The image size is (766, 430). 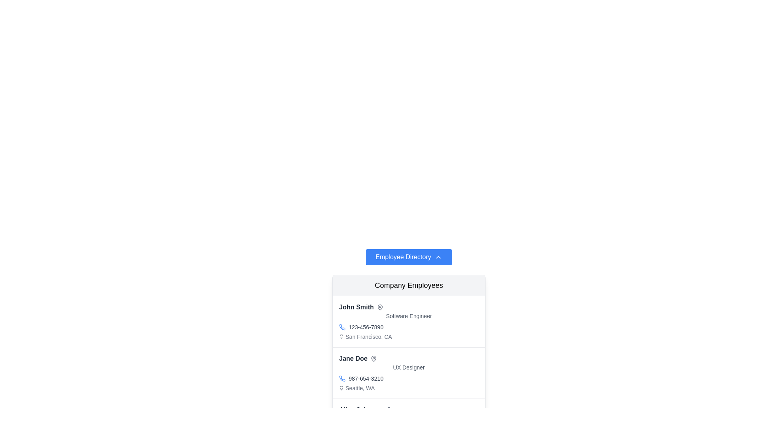 What do you see at coordinates (342, 378) in the screenshot?
I see `the blue phone icon element located to the left of Jane Doe's phone number in the Company Employees directory` at bounding box center [342, 378].